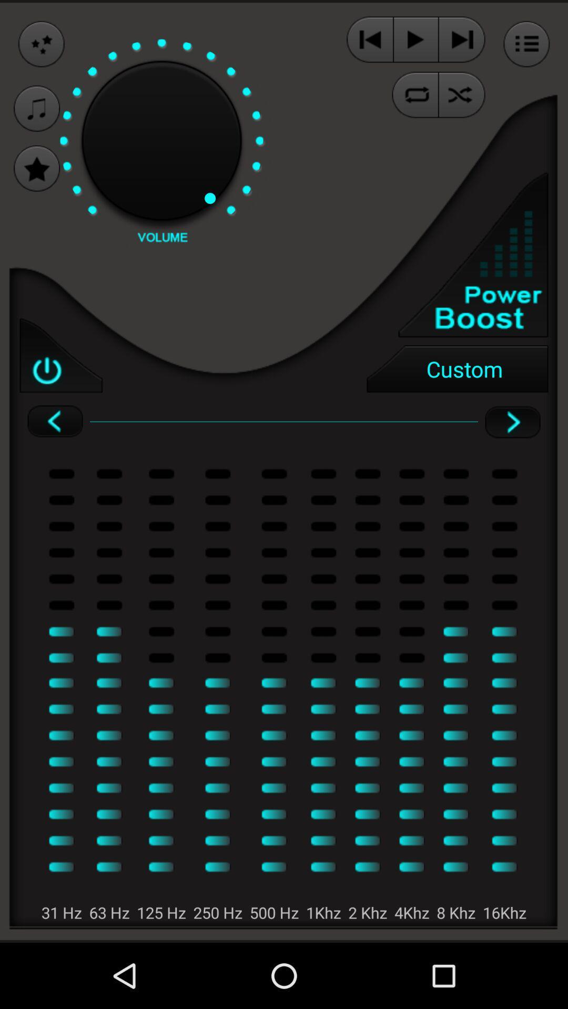 Image resolution: width=568 pixels, height=1009 pixels. I want to click on the skip_previous icon, so click(369, 42).